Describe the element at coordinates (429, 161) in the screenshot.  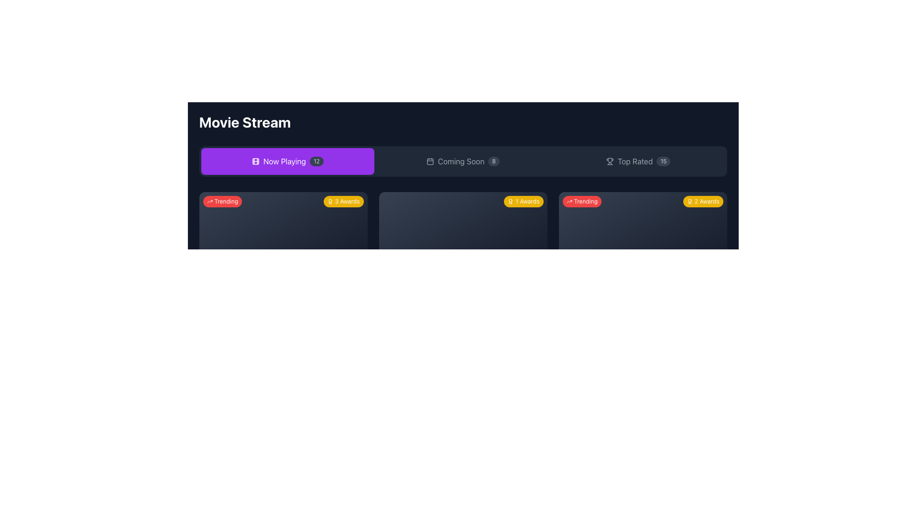
I see `the Decorative Rectangle element located centrally within the calendar icon, which is positioned between the 'Now Playing' button and the 'Top Rated' button` at that location.